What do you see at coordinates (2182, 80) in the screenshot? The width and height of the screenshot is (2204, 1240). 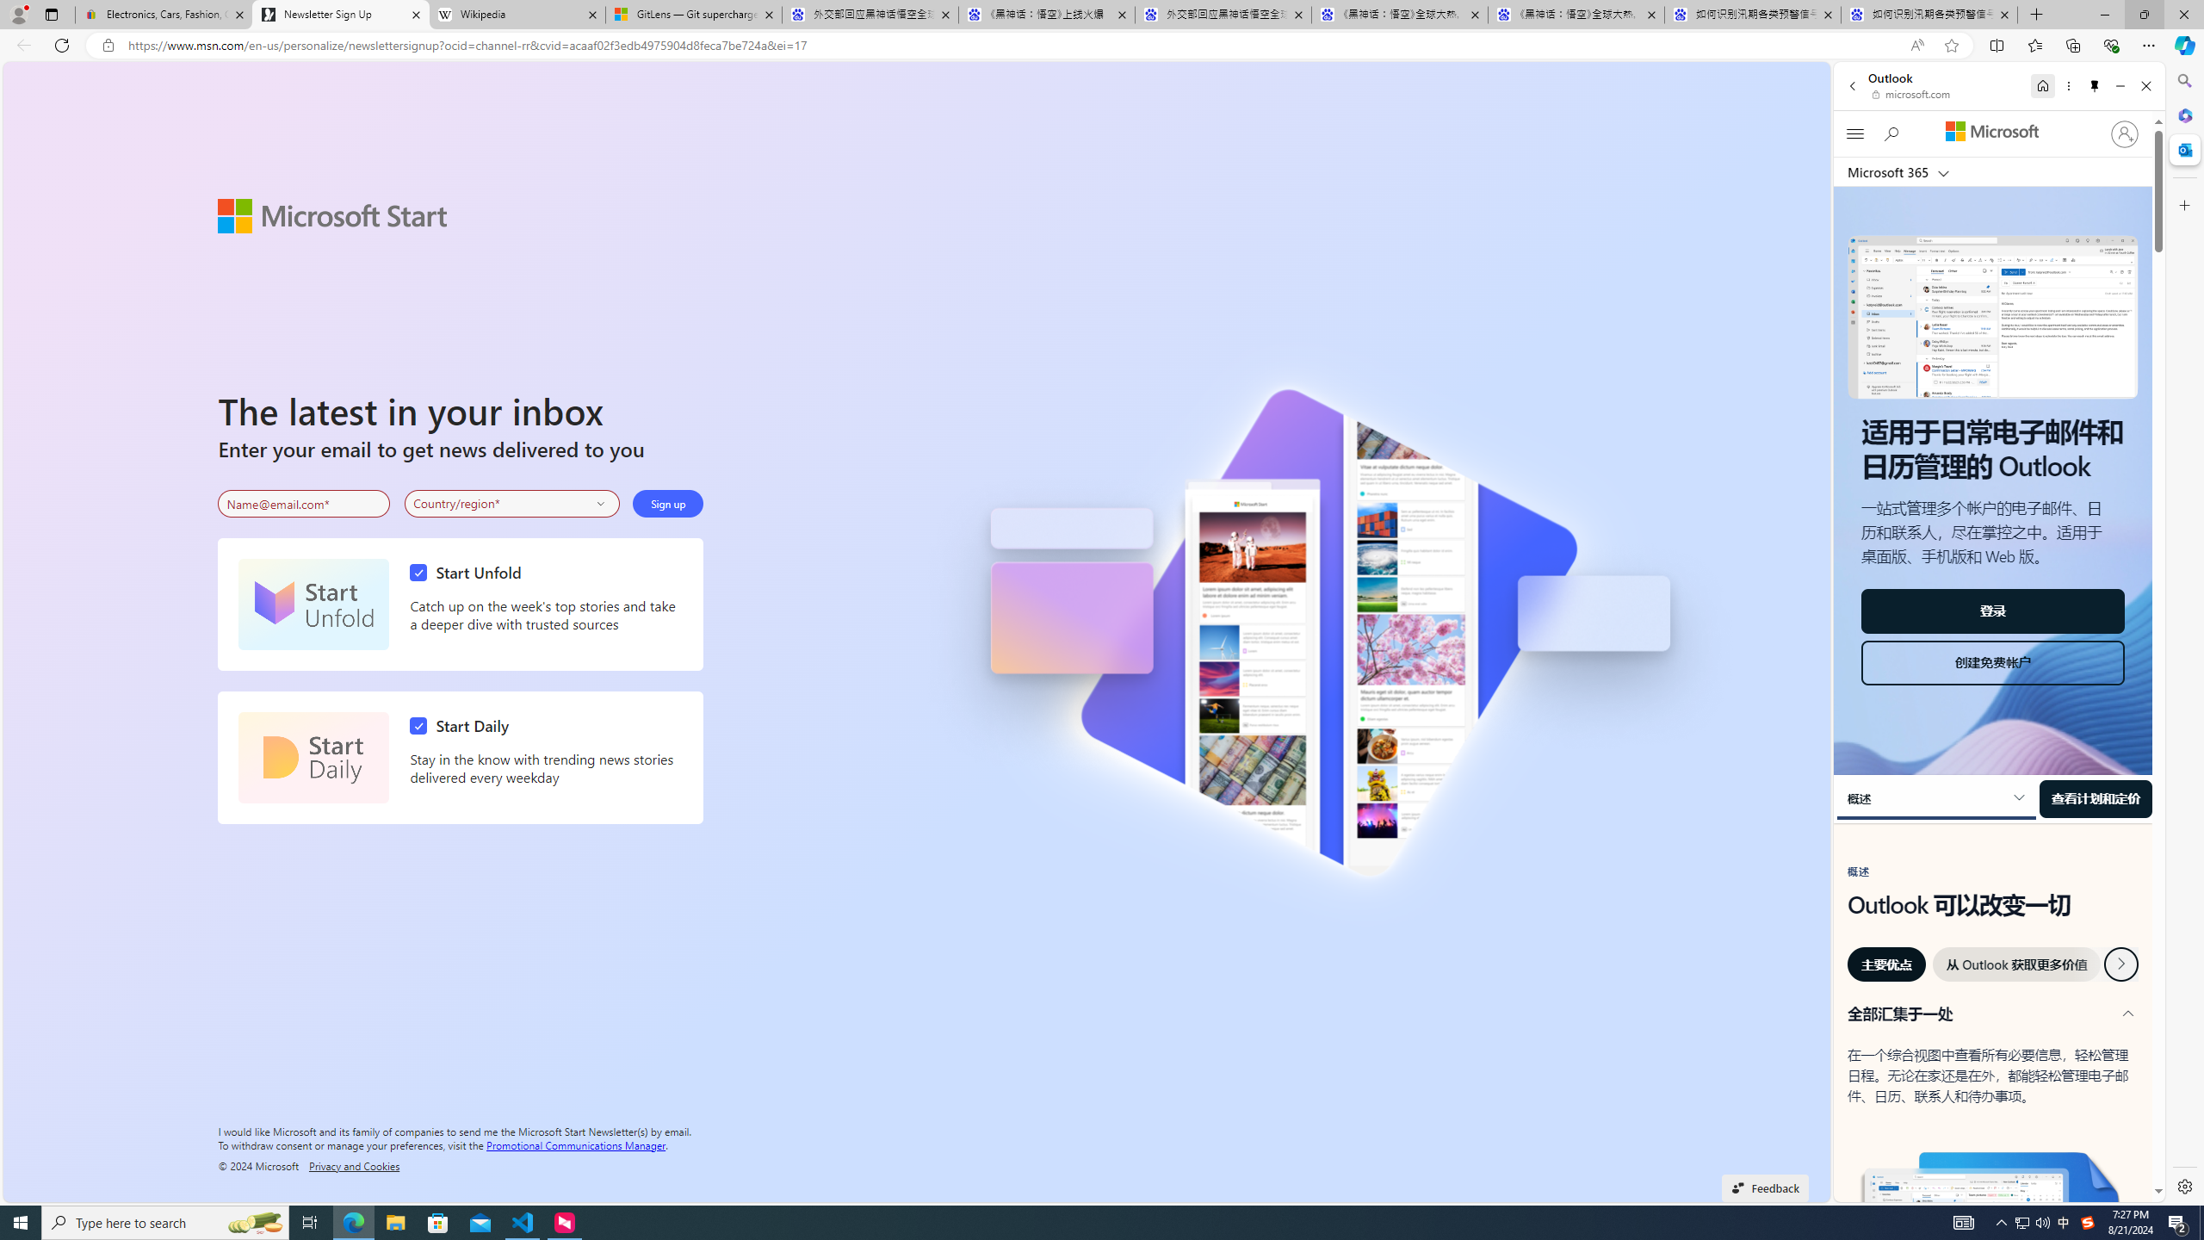 I see `'Search'` at bounding box center [2182, 80].